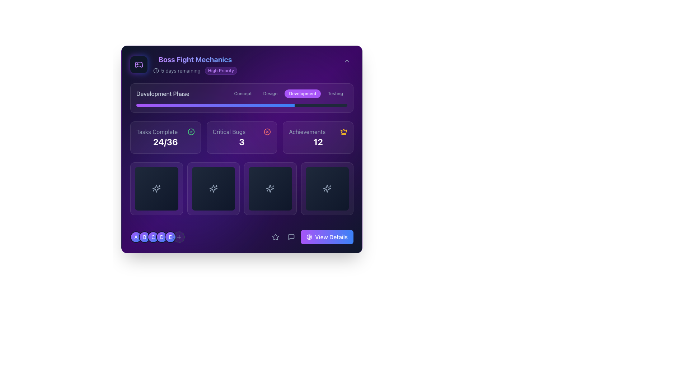 Image resolution: width=689 pixels, height=388 pixels. Describe the element at coordinates (139, 65) in the screenshot. I see `game controller icon, which is located in the top-left corner of the 'Boss Fight Mechanics' section, featuring a modern purple design with hover color transitions` at that location.